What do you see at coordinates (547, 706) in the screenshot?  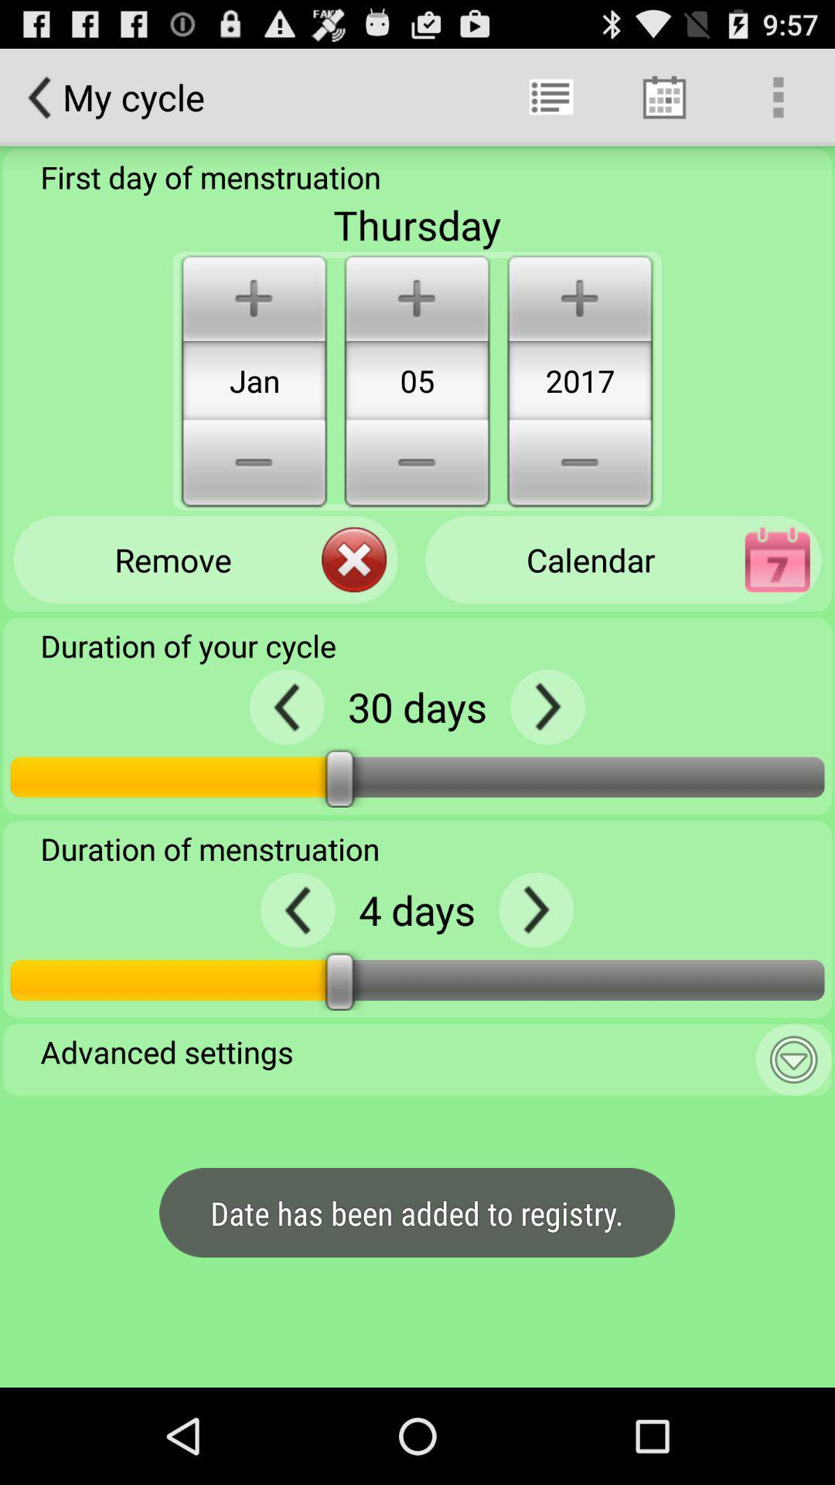 I see `next` at bounding box center [547, 706].